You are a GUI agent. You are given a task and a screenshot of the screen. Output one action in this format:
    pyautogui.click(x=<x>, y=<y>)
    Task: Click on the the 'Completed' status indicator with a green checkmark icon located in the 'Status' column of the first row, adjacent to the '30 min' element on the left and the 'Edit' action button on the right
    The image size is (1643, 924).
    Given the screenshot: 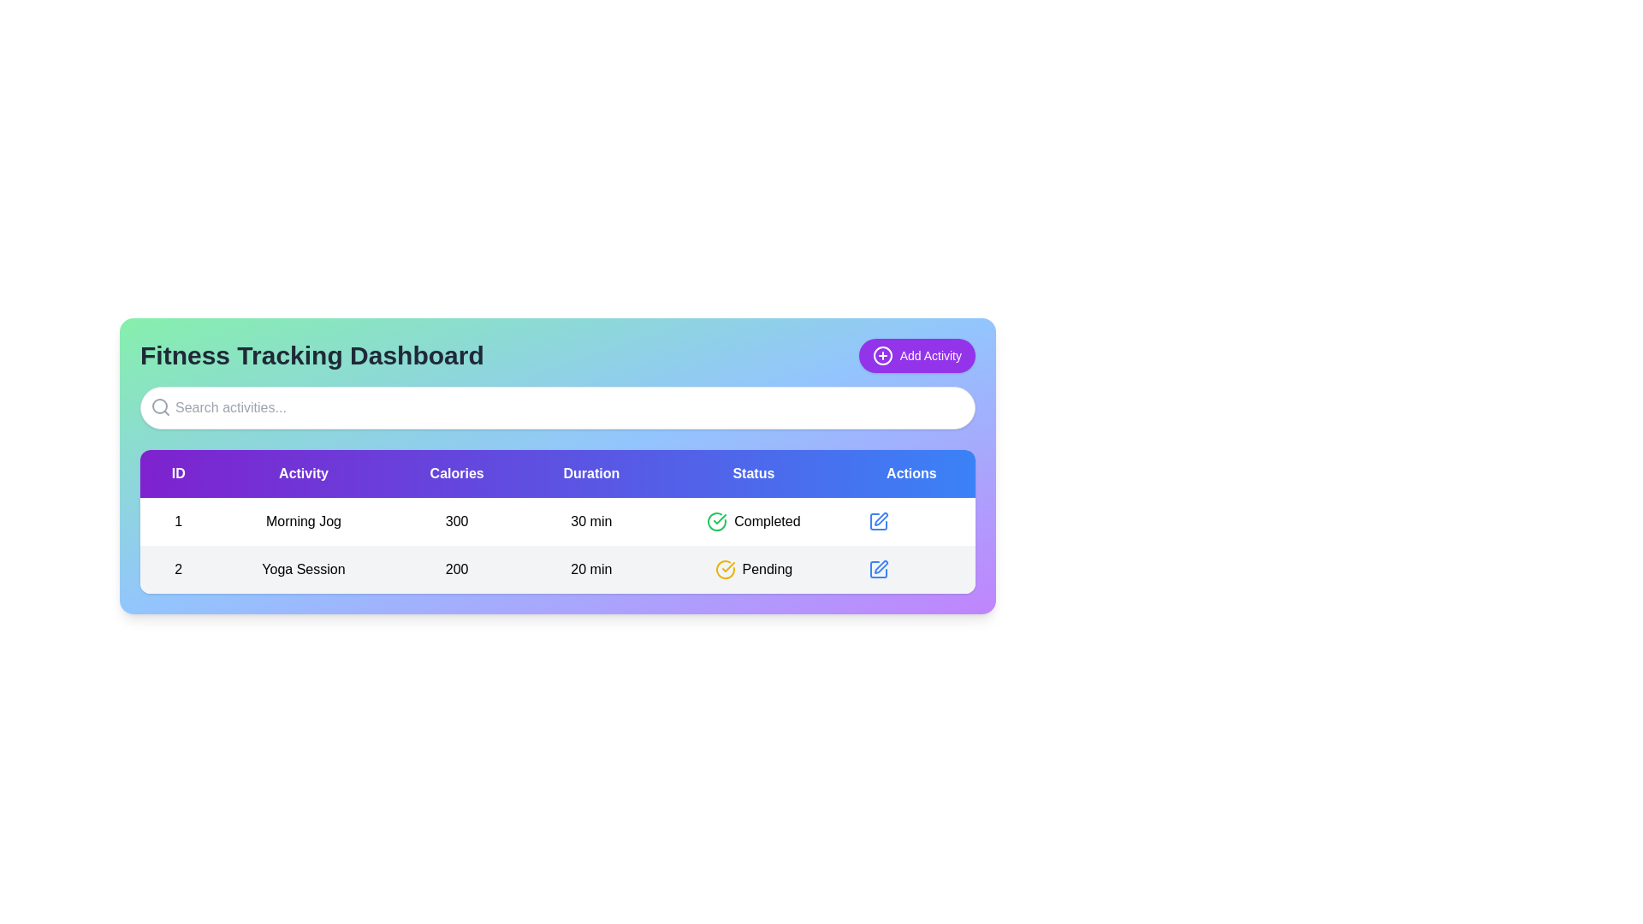 What is the action you would take?
    pyautogui.click(x=753, y=520)
    